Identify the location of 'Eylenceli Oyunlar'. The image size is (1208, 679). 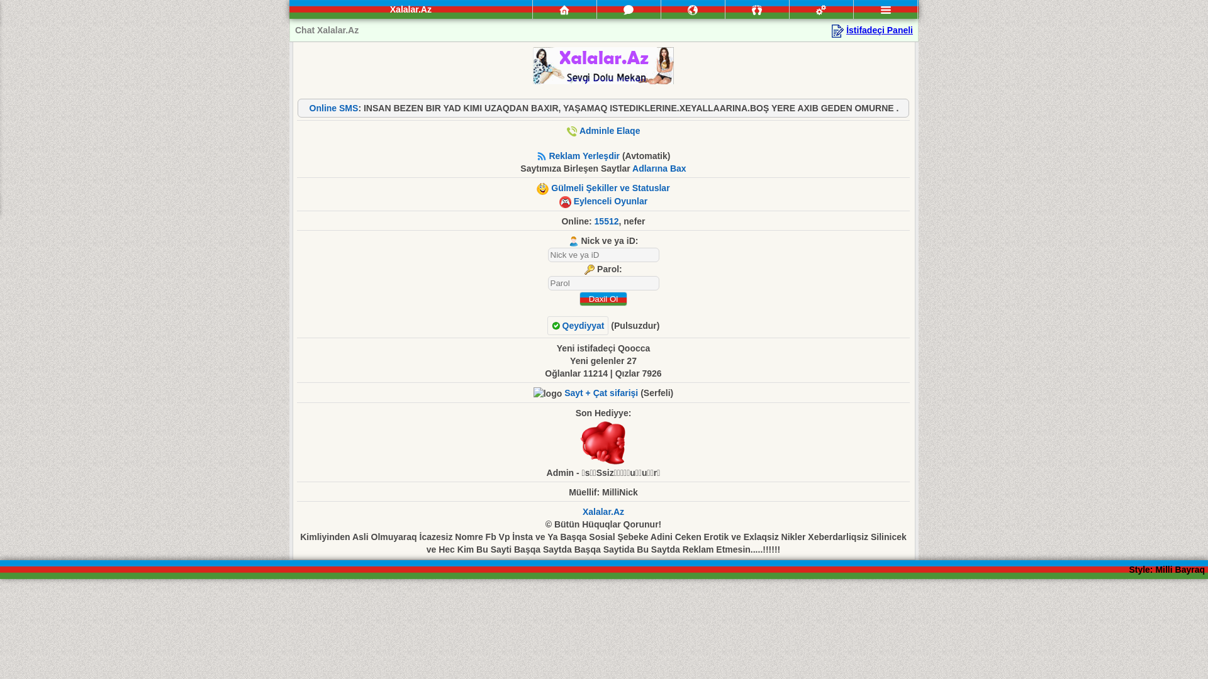
(573, 201).